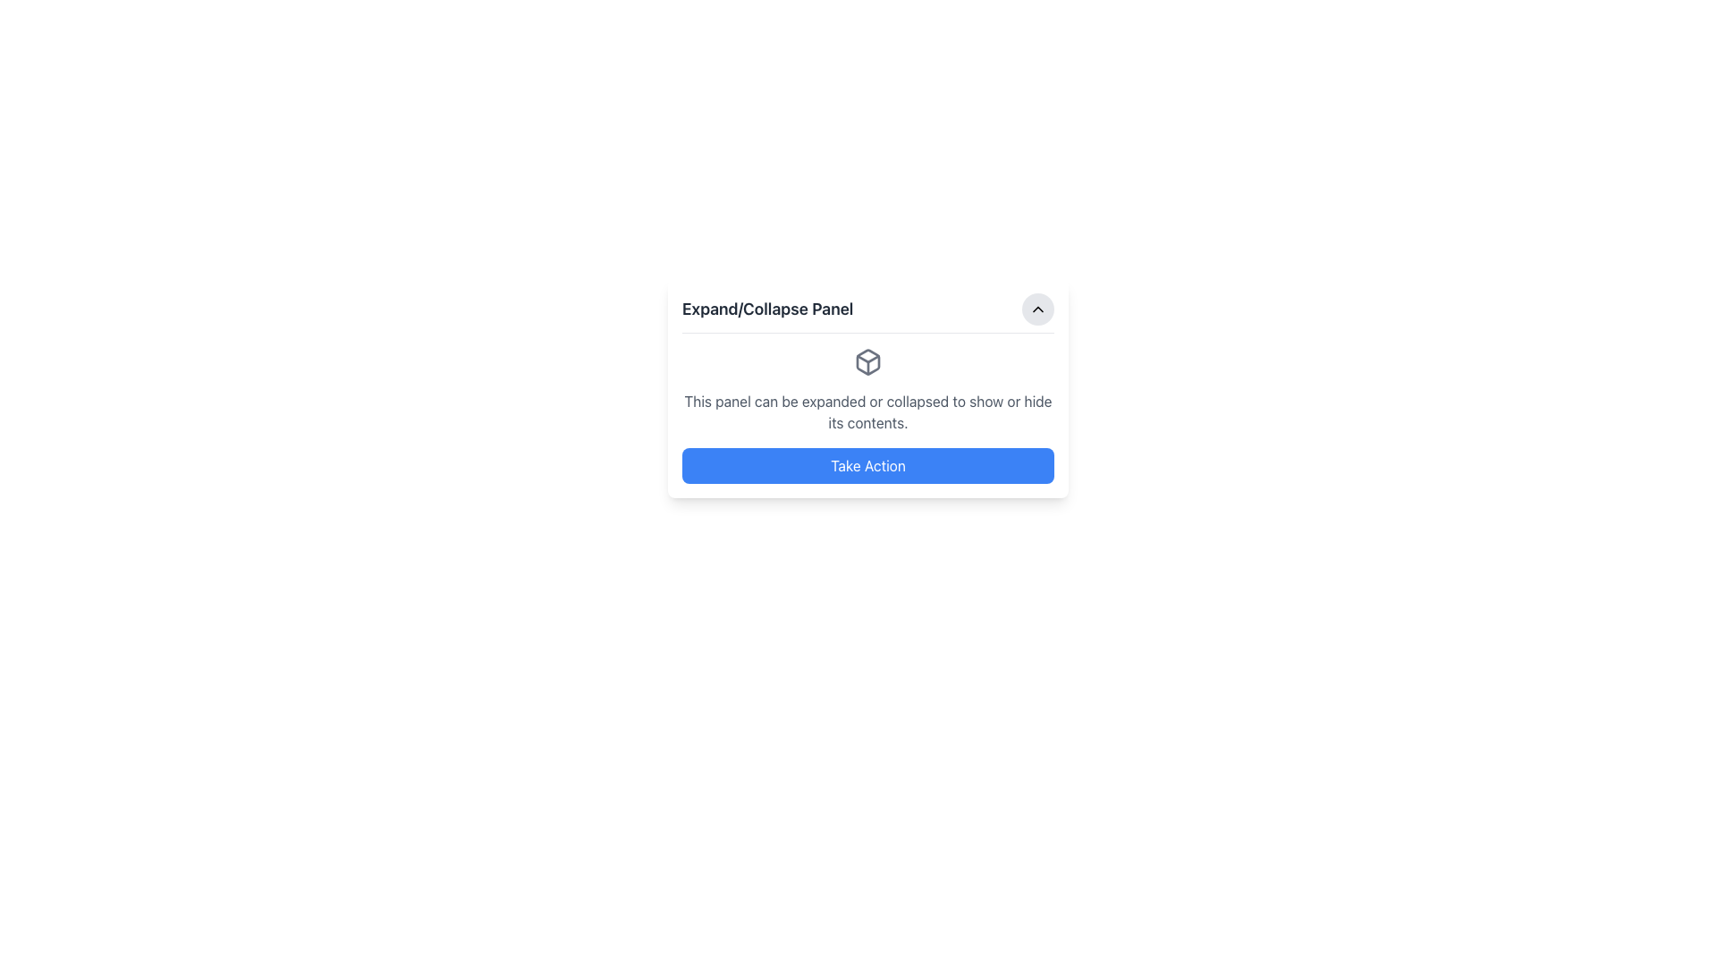 This screenshot has height=966, width=1717. What do you see at coordinates (1038, 309) in the screenshot?
I see `the gray circular button in the top-right corner of the 'Expand/Collapse Panel' to observe interaction effects` at bounding box center [1038, 309].